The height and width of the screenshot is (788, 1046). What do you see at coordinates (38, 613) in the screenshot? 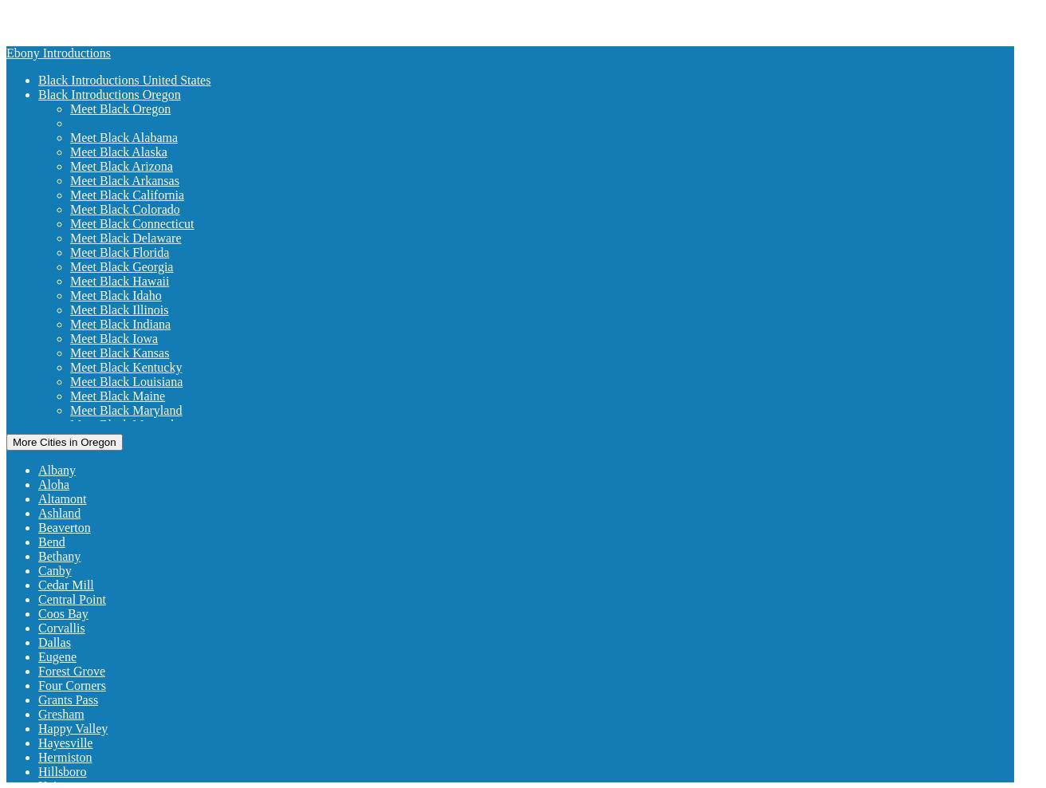
I see `'Coos Bay'` at bounding box center [38, 613].